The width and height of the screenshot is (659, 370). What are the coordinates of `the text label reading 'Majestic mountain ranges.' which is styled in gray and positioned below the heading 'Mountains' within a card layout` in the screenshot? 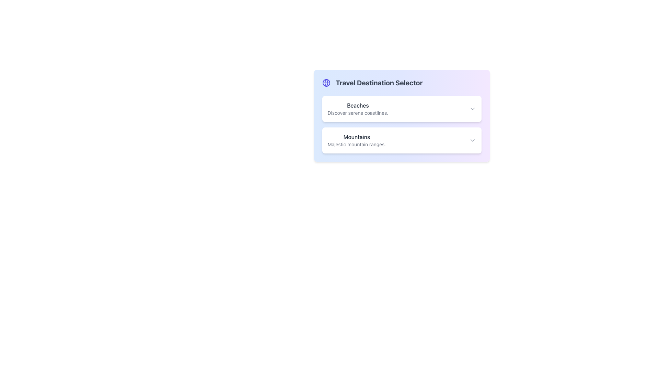 It's located at (357, 144).